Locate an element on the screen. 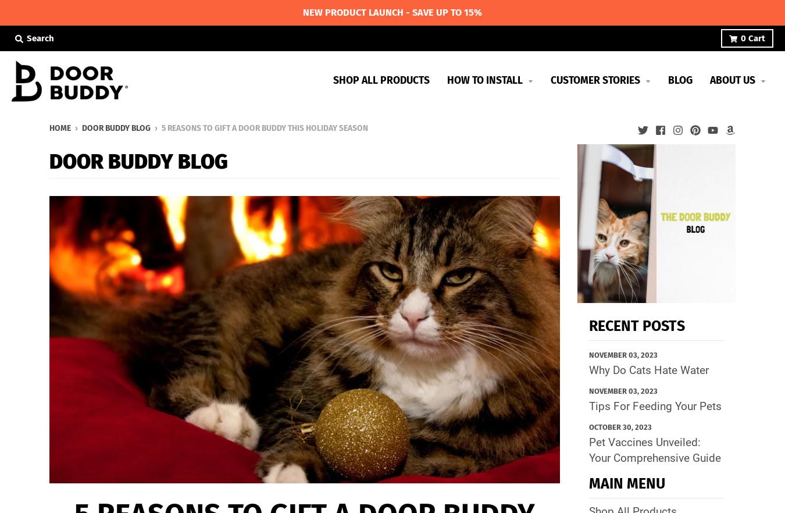 The height and width of the screenshot is (513, 785). 'Tips For Feeding Your Pets' is located at coordinates (654, 406).